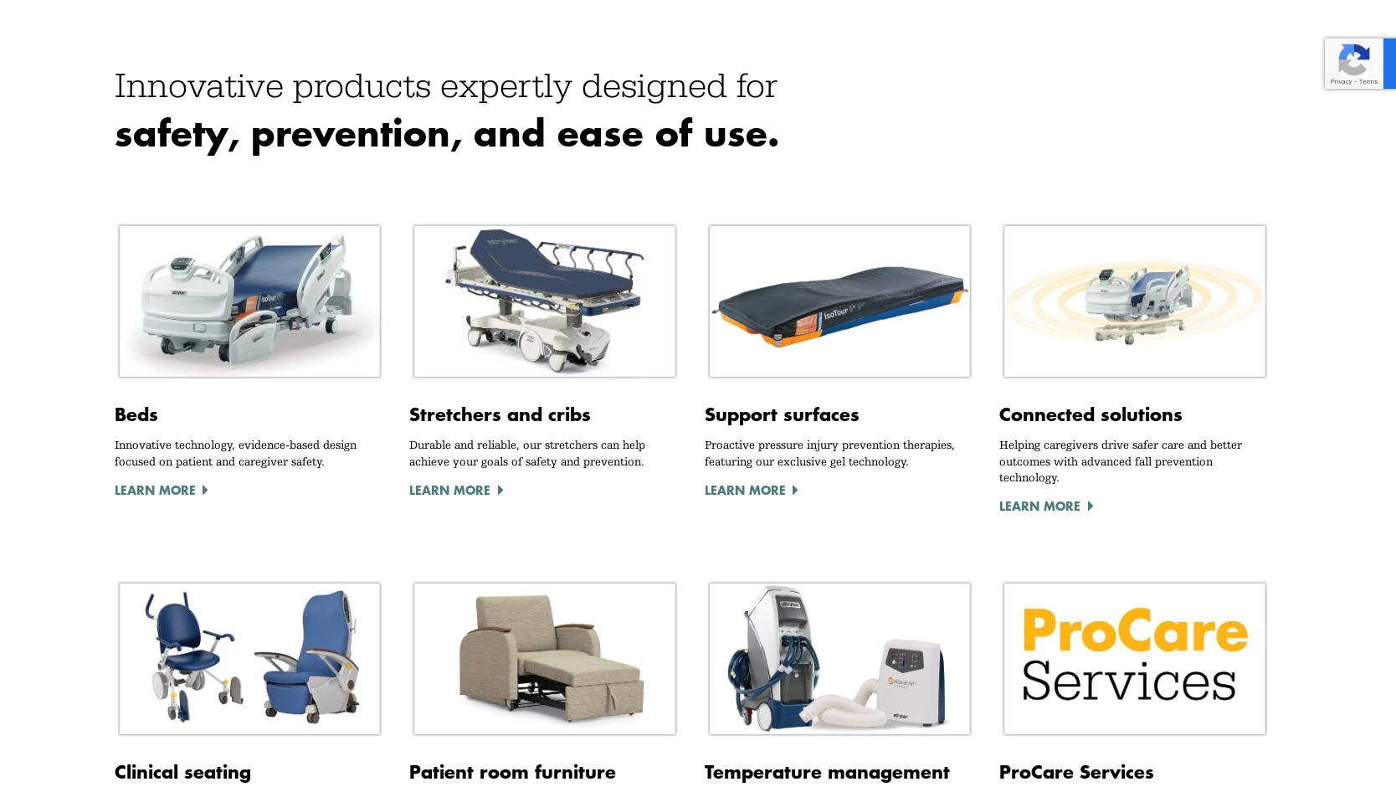  Describe the element at coordinates (1120, 460) in the screenshot. I see `'Helping caregivers drive safer care and better outcomes with advanced fall prevention technology.'` at that location.